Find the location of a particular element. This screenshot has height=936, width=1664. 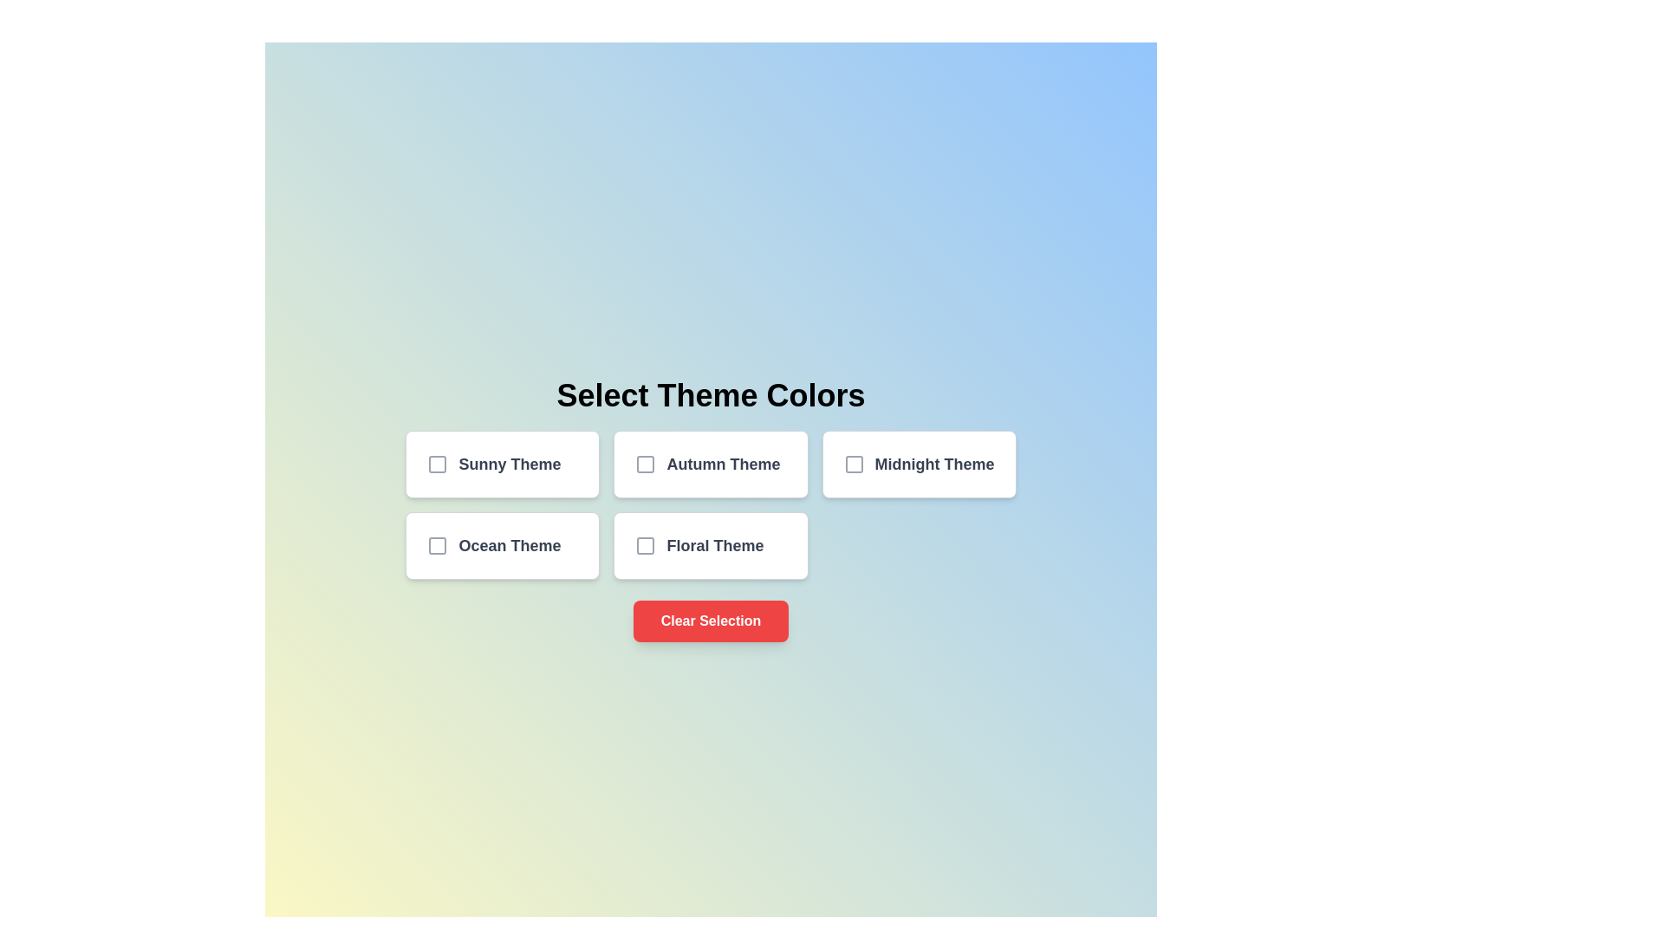

the card corresponding to the Midnight theme is located at coordinates (918, 464).